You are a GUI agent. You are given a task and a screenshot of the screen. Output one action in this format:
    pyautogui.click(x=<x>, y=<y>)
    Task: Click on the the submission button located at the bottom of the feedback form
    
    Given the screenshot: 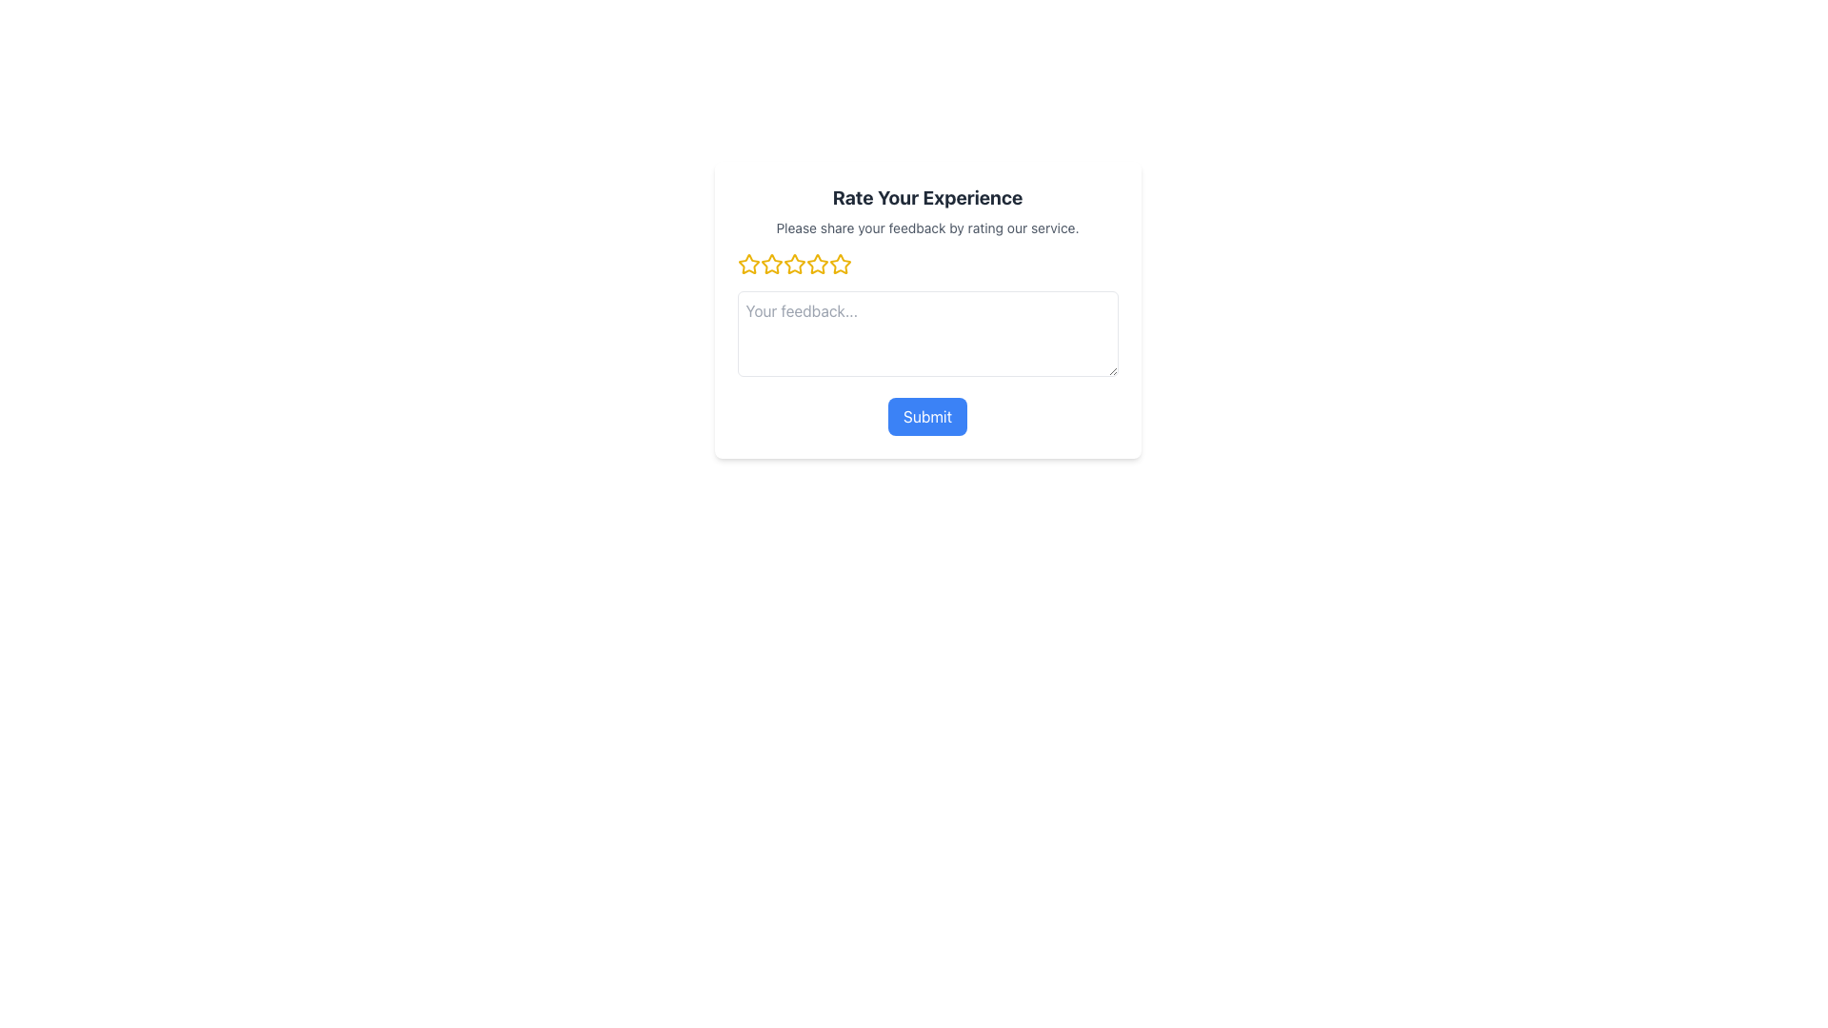 What is the action you would take?
    pyautogui.click(x=927, y=416)
    